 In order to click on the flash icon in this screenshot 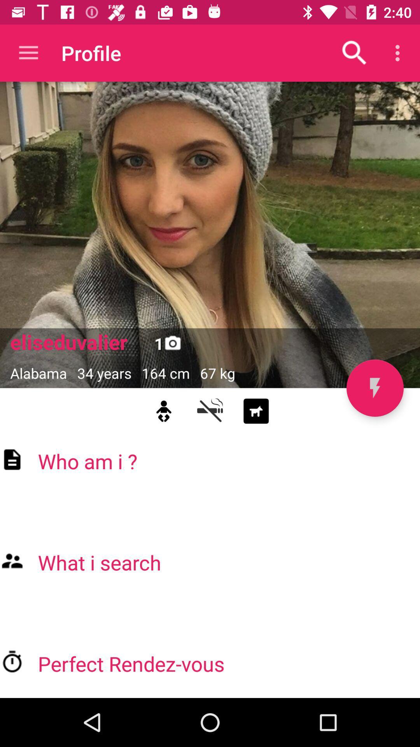, I will do `click(374, 388)`.